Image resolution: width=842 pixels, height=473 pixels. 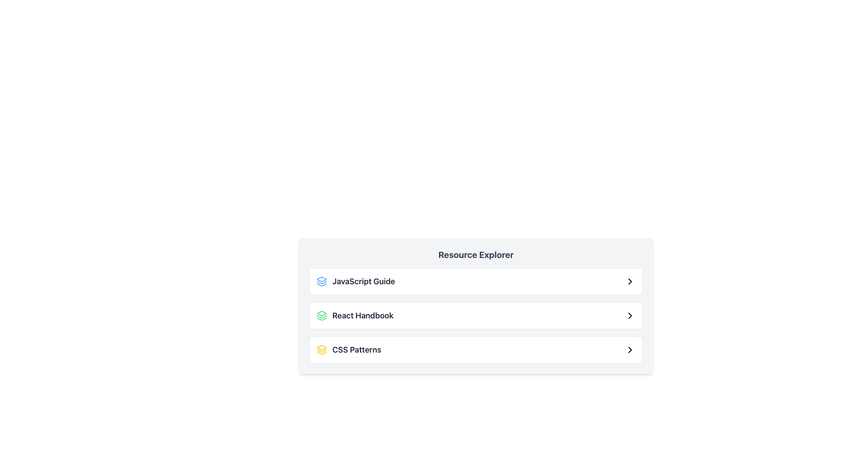 I want to click on the right-facing chevron arrow icon located at the far right end of the 'CSS Patterns' section in the Resource Explorer interface, so click(x=629, y=349).